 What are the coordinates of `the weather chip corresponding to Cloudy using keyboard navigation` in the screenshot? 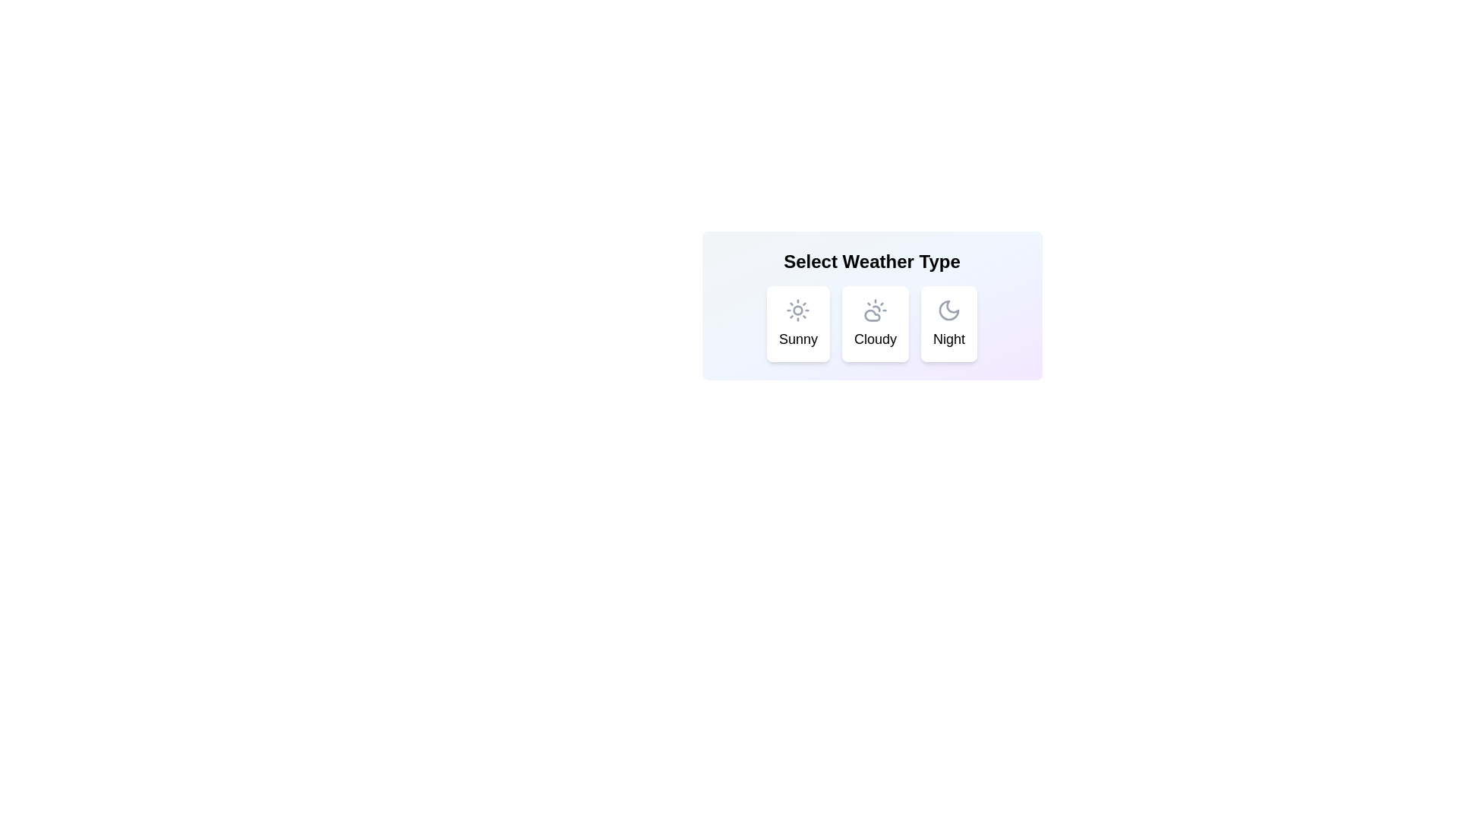 It's located at (875, 323).